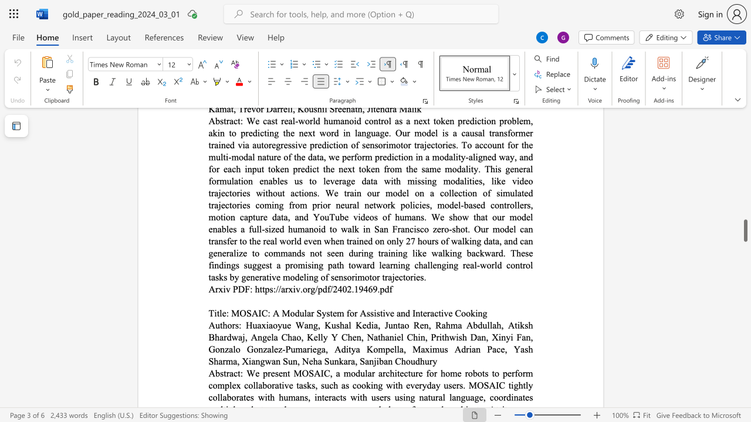  Describe the element at coordinates (745, 129) in the screenshot. I see `the scrollbar to scroll the page up` at that location.